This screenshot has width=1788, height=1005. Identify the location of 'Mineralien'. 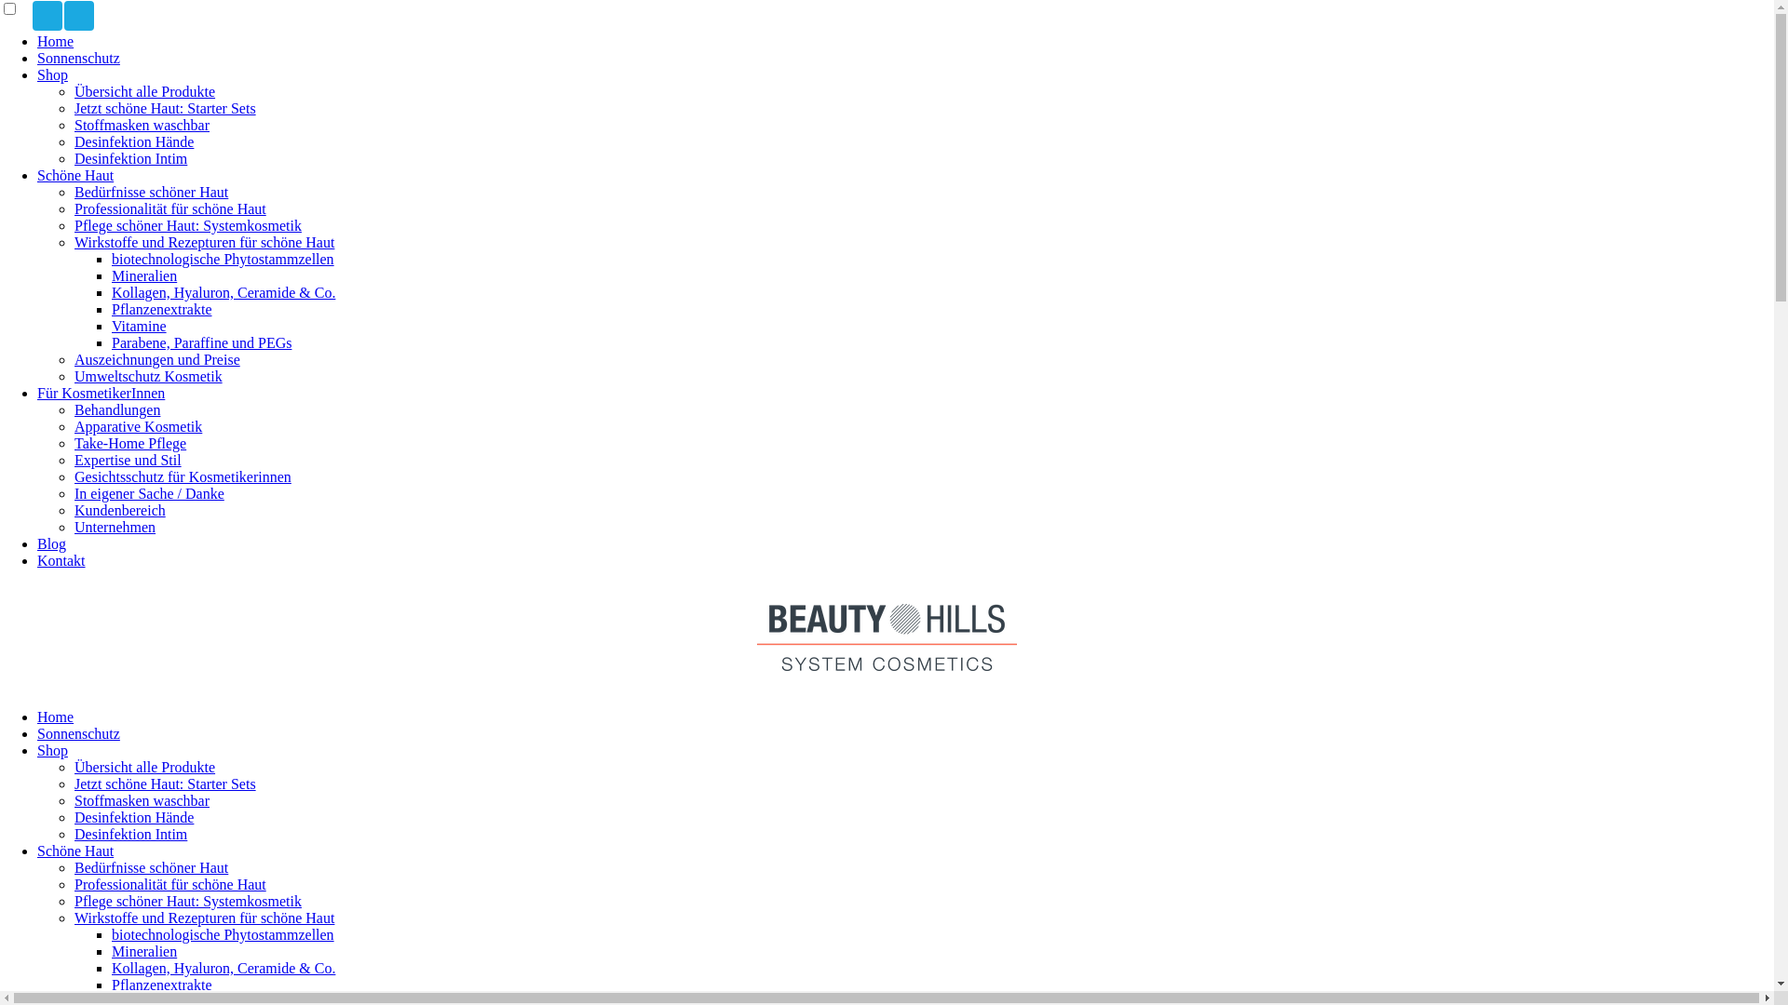
(142, 951).